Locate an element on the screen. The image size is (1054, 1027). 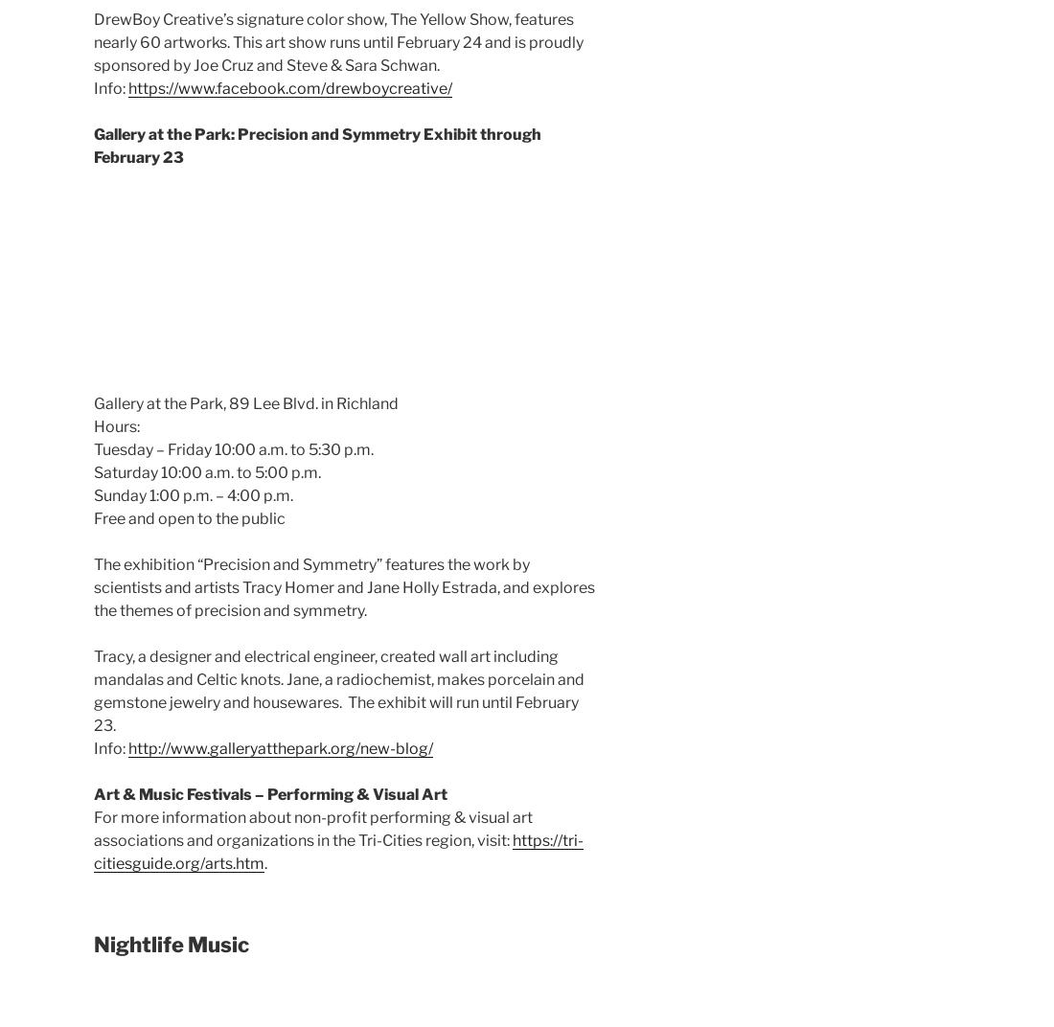
'Tracy, a designer and electrical engineer, created wall art including mandalas and Celtic knots. Jane, a radiochemist, makes porcelain and gemstone jewelry and housewares.  The exhibit will run until February 23.' is located at coordinates (94, 689).